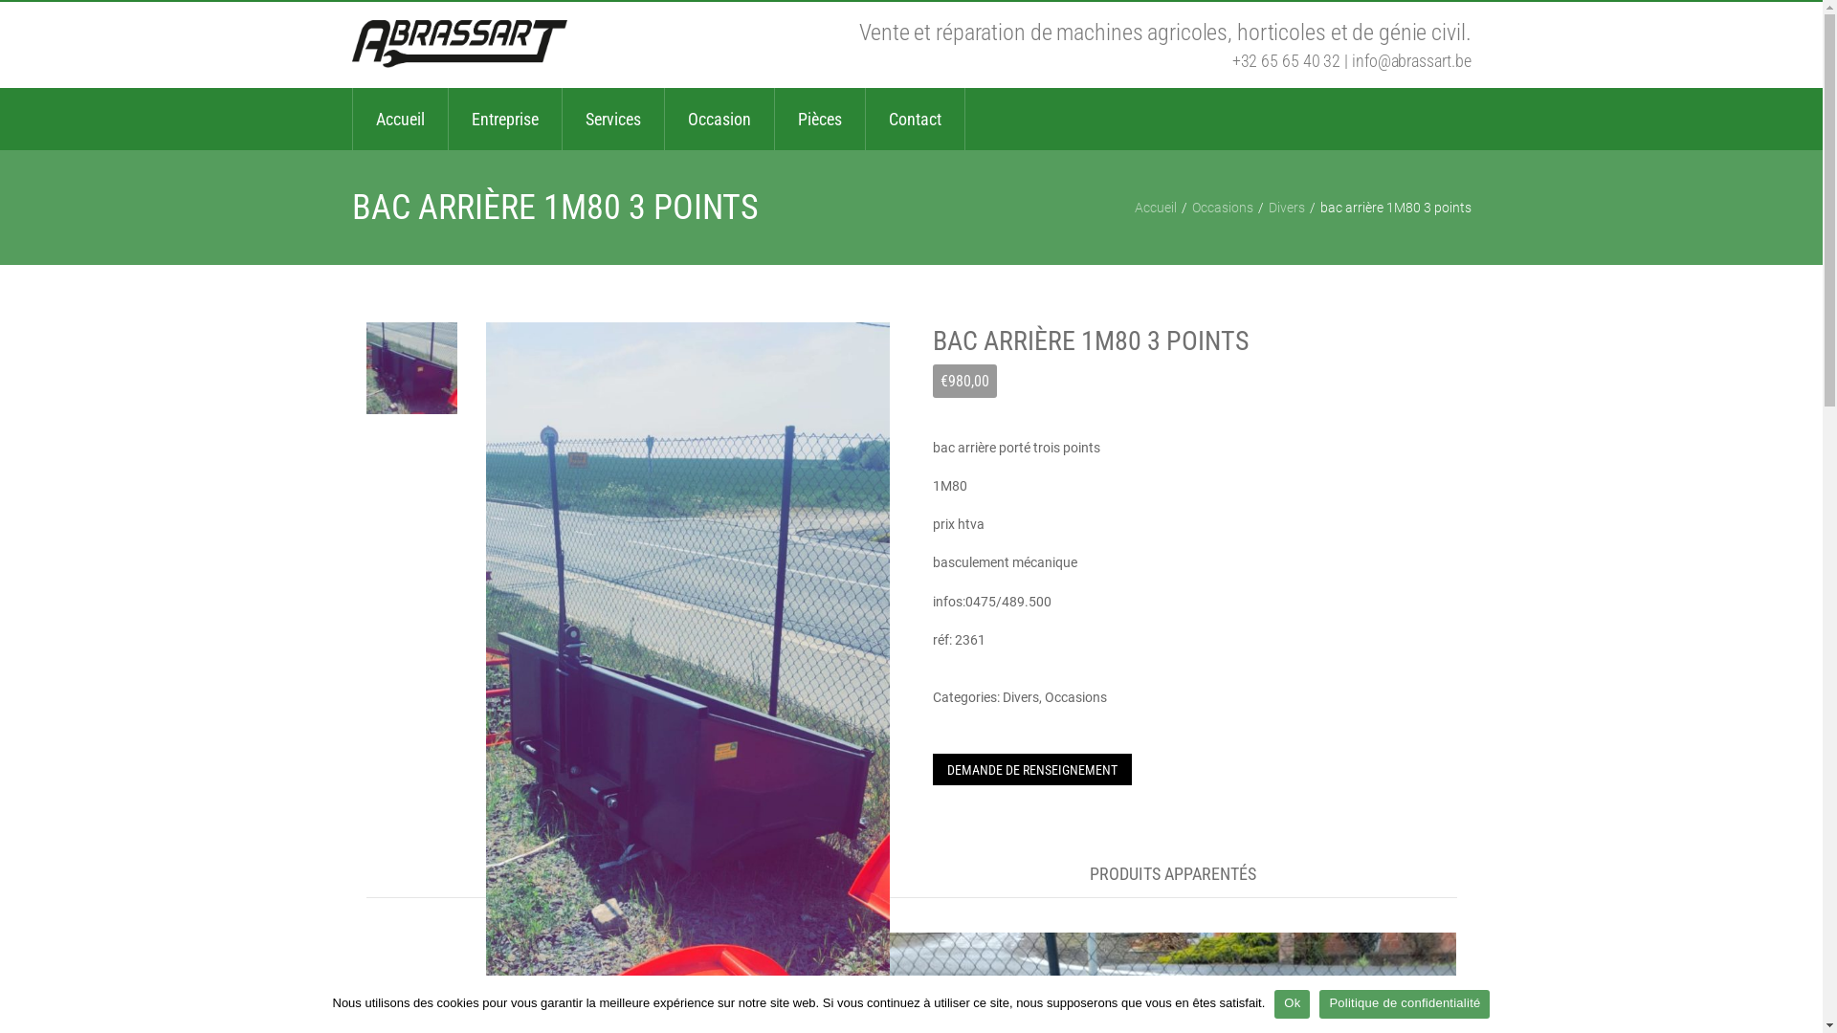  I want to click on 'Accueil', so click(1155, 207).